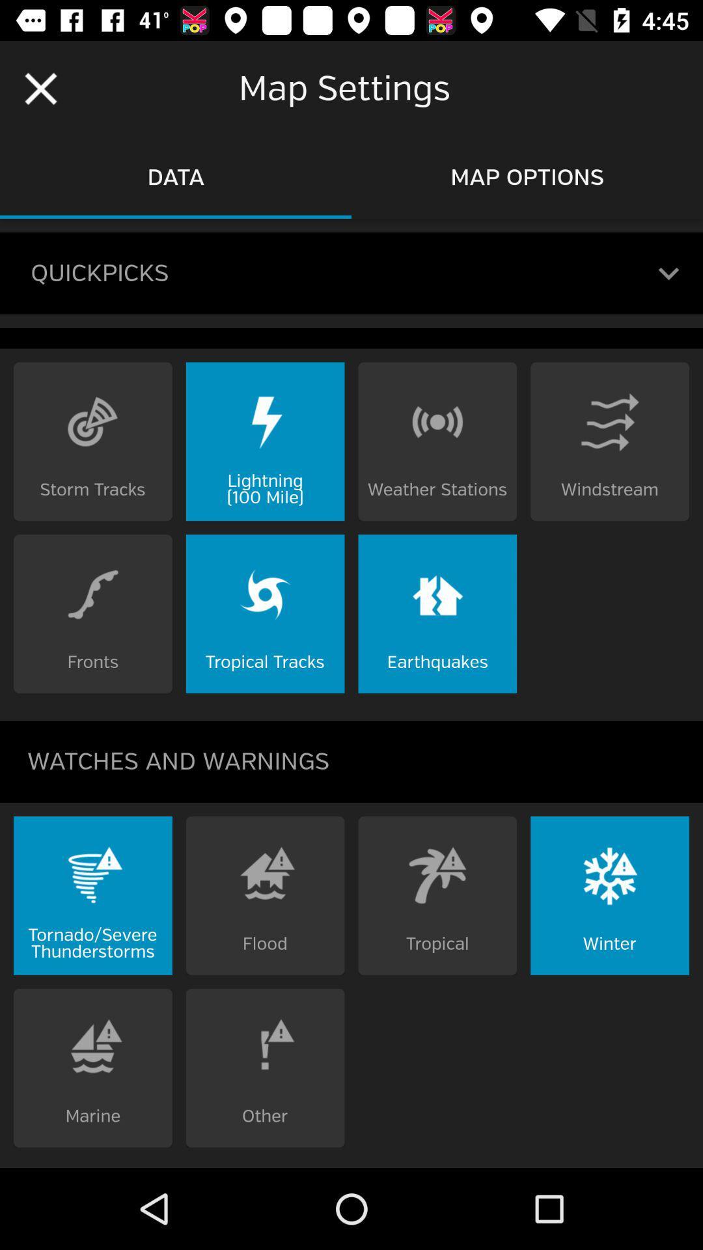 The image size is (703, 1250). What do you see at coordinates (40, 89) in the screenshot?
I see `close icon at top left` at bounding box center [40, 89].